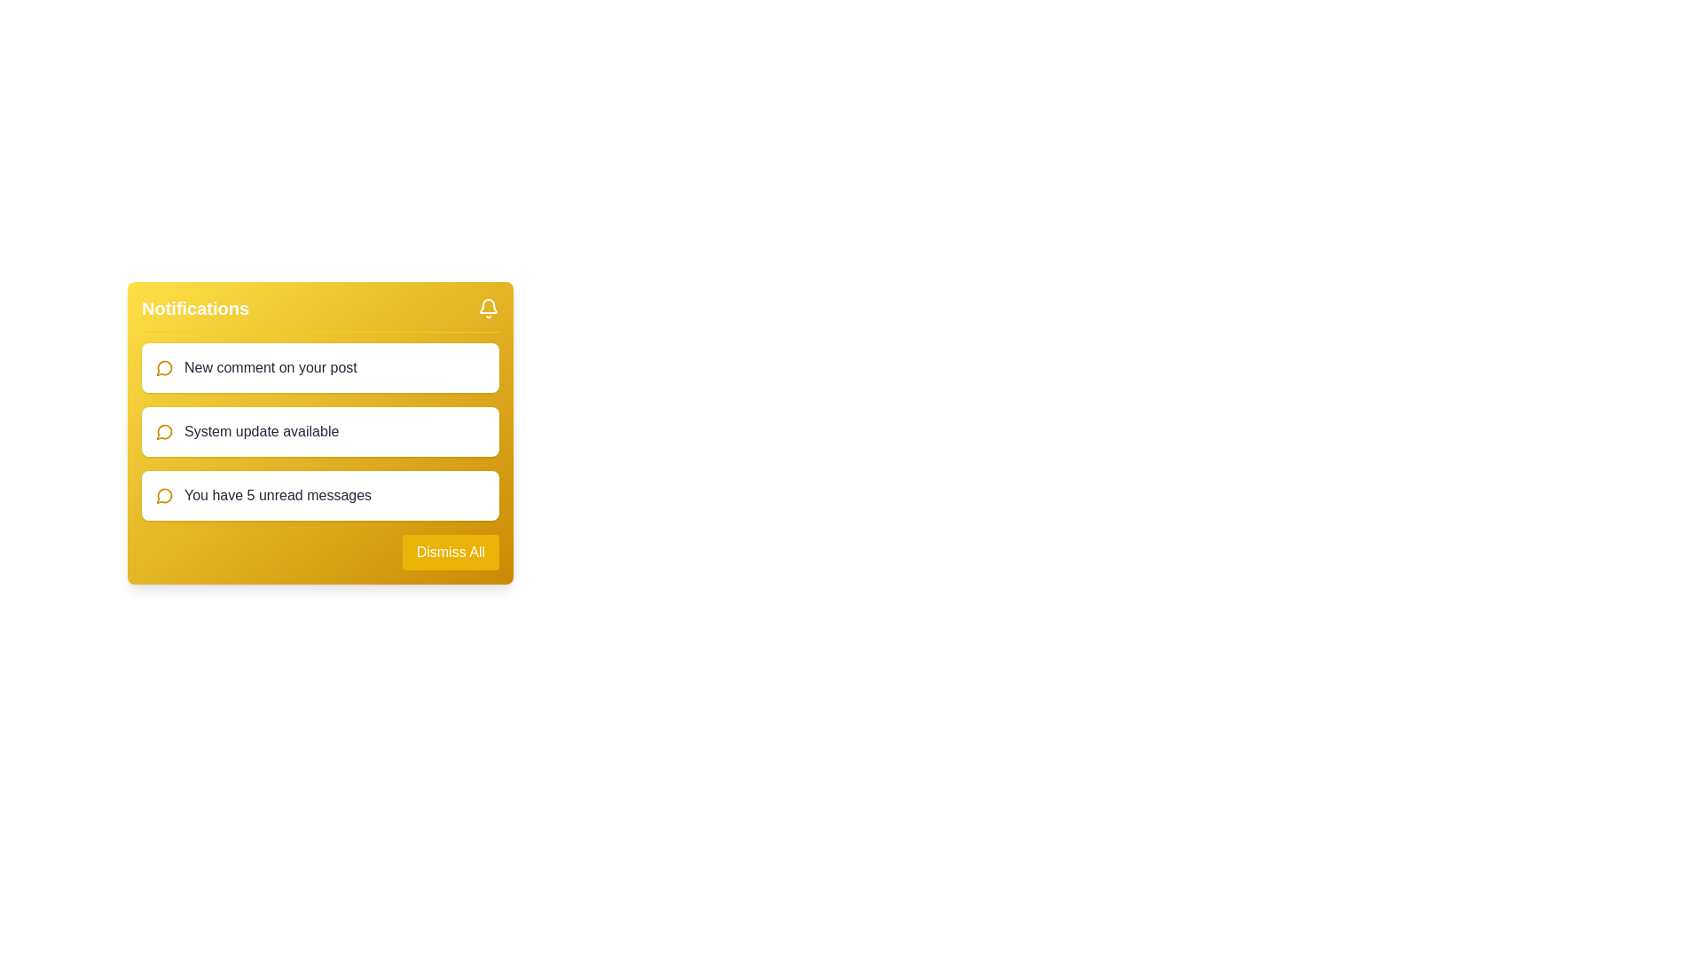 Image resolution: width=1703 pixels, height=958 pixels. I want to click on the Notification card displaying a message about a system update, which is located below the 'New comment on your post' card in the yellow notification panel, so click(320, 431).